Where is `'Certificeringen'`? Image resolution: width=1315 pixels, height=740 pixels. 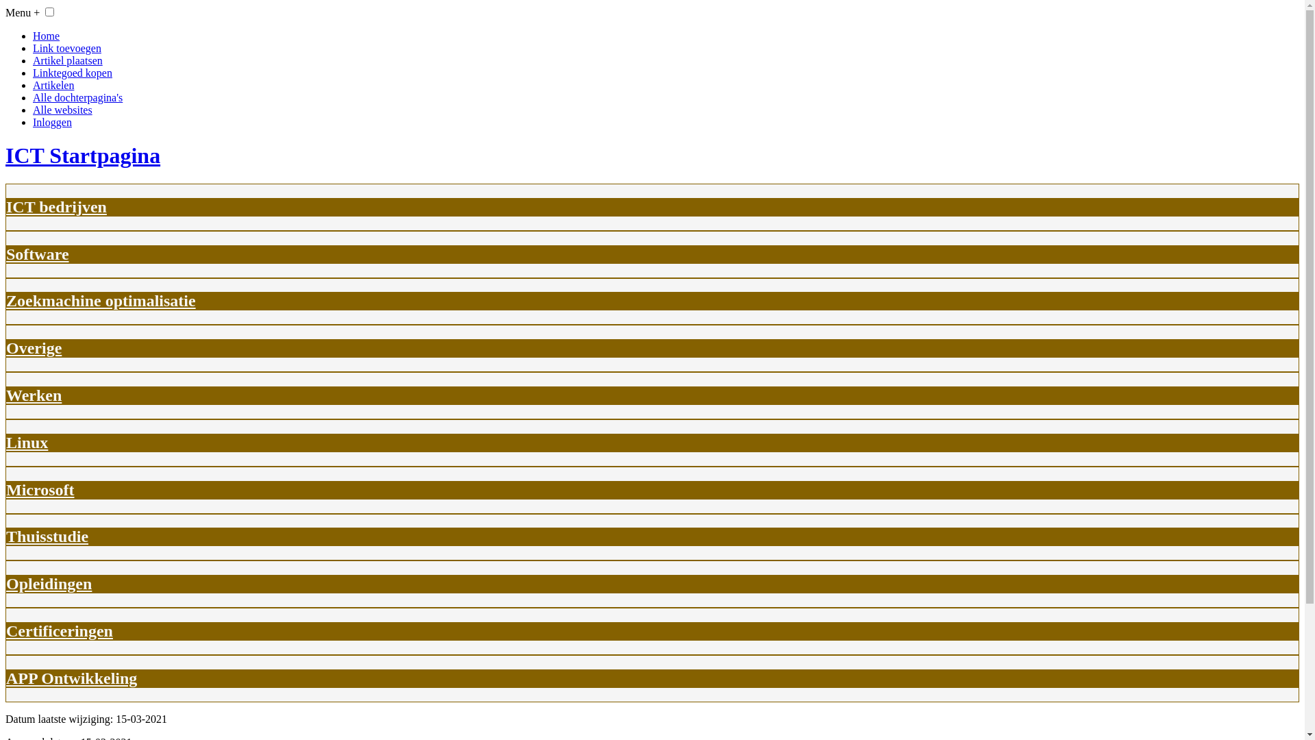 'Certificeringen' is located at coordinates (58, 631).